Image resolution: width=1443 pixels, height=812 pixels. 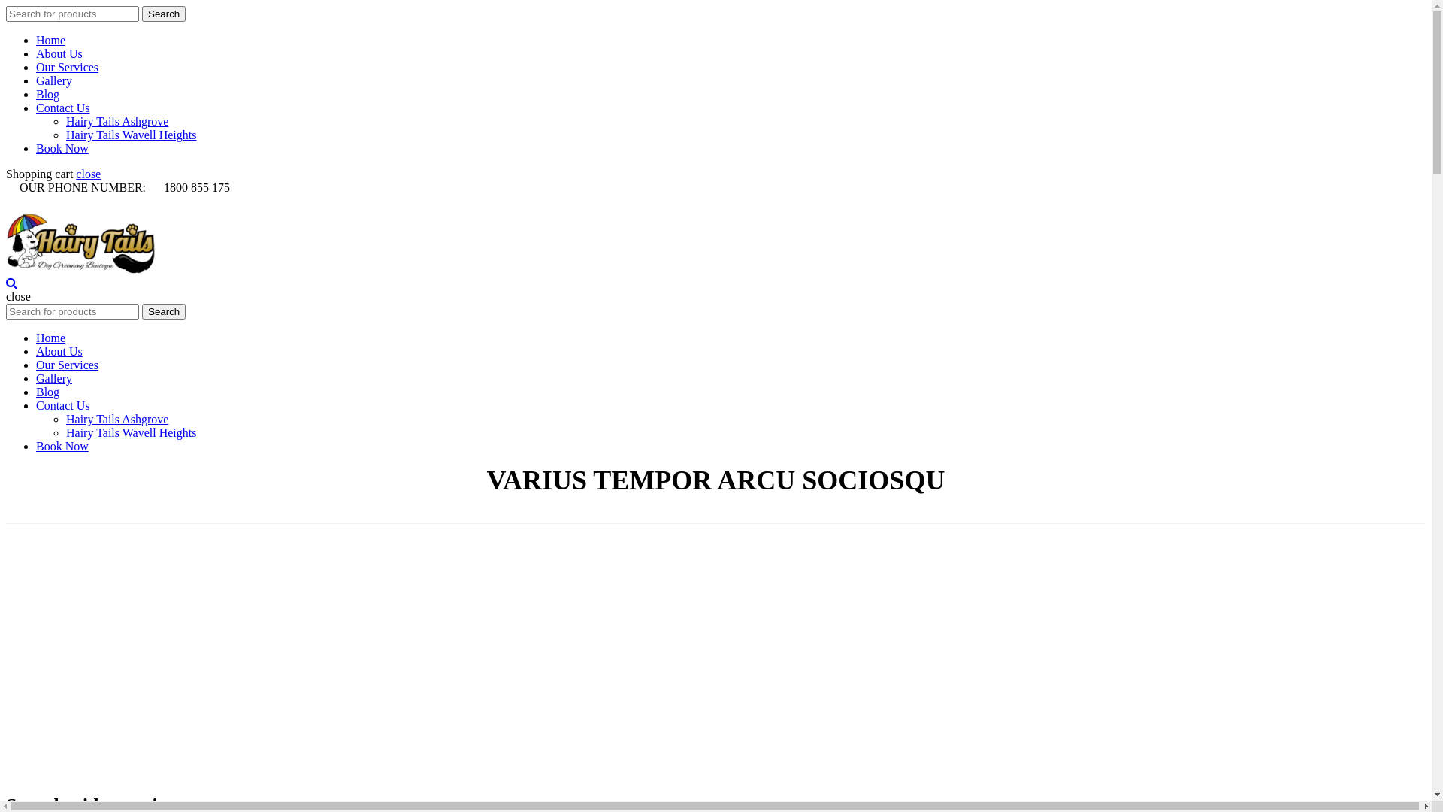 I want to click on 'Hairy Tails Wavell Heights', so click(x=131, y=134).